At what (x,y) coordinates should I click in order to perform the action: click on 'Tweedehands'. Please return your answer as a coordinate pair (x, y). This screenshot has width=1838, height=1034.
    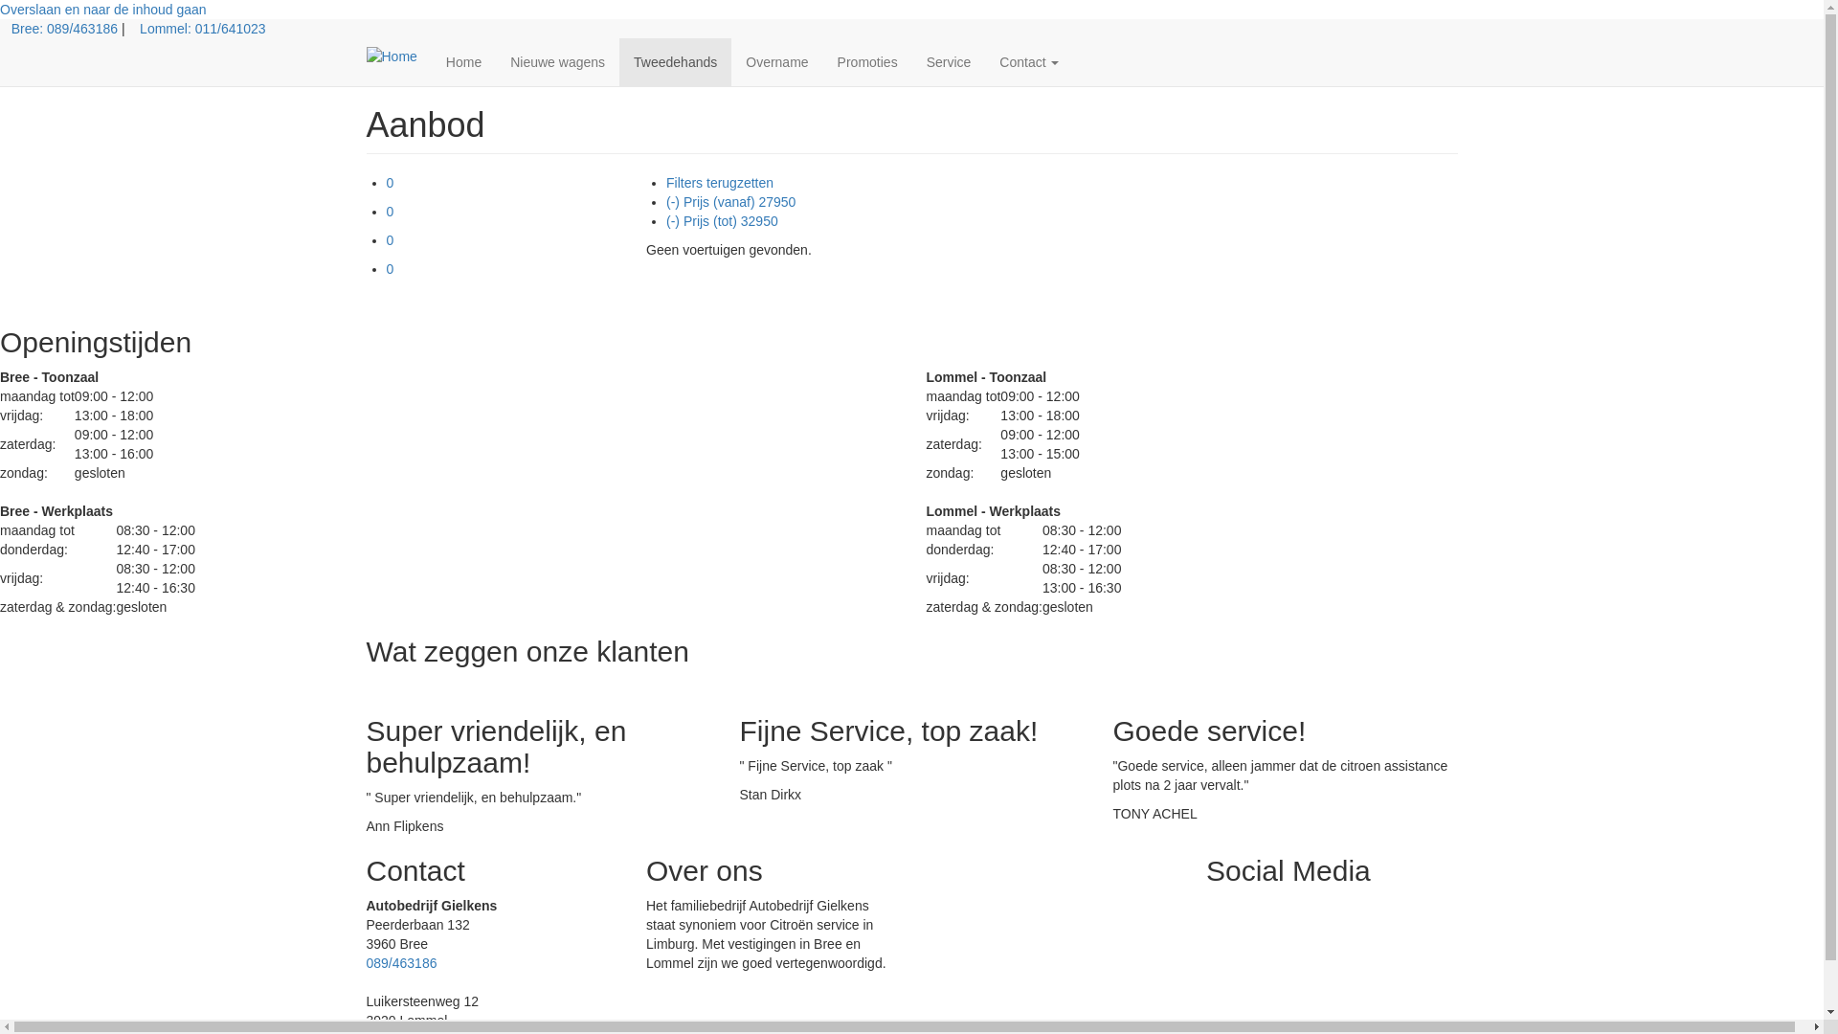
    Looking at the image, I should click on (619, 61).